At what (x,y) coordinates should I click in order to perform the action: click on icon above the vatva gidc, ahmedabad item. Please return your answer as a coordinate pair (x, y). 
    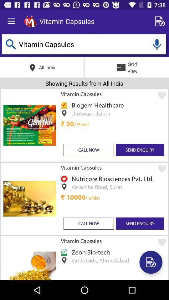
    Looking at the image, I should click on (90, 252).